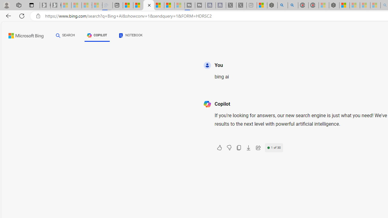 This screenshot has width=388, height=218. I want to click on 'View site information', so click(38, 16).